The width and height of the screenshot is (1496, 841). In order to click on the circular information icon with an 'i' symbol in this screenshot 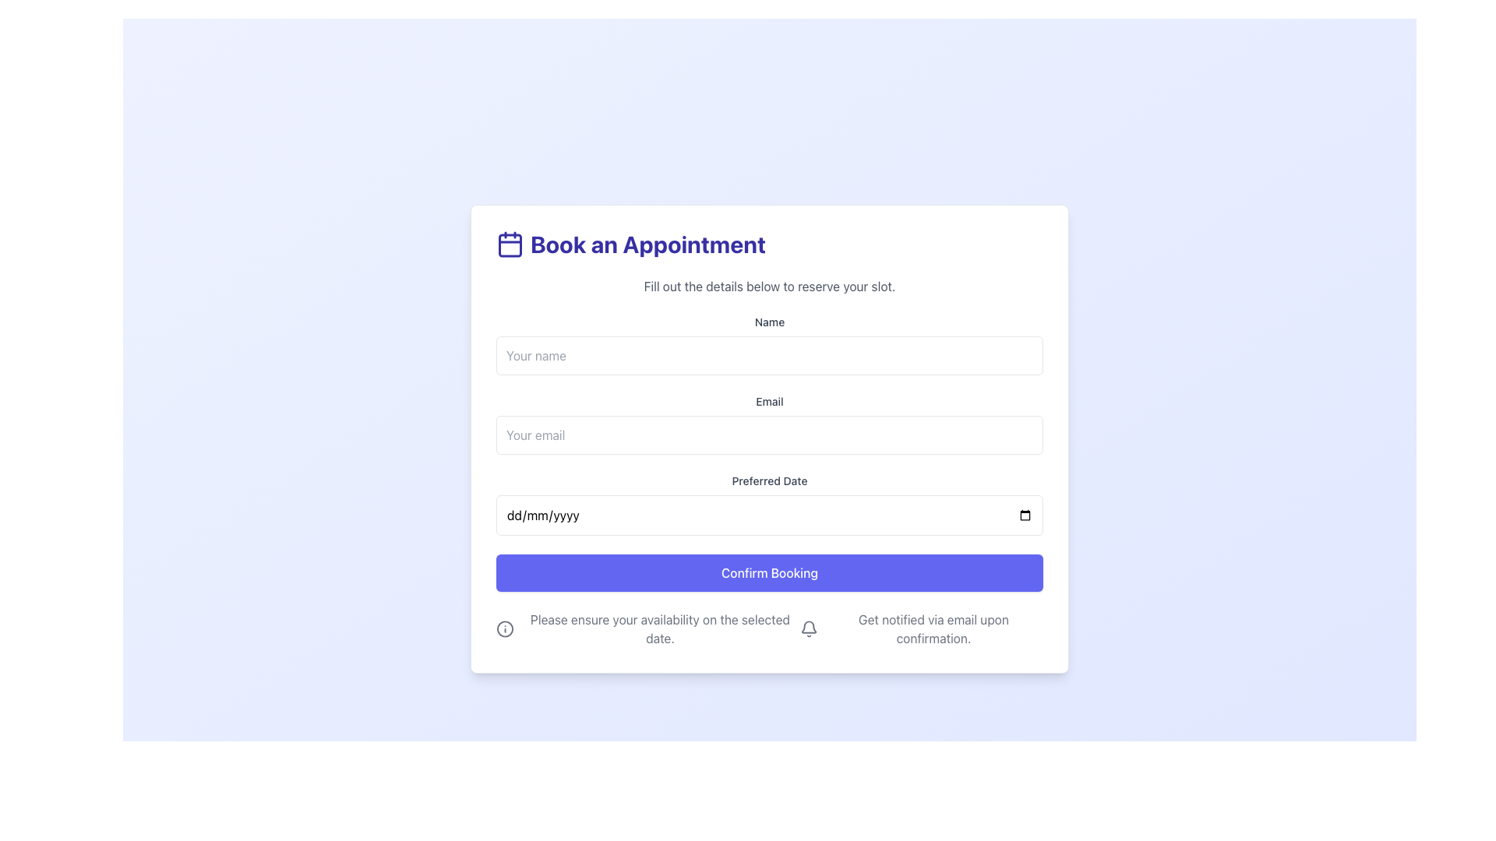, I will do `click(505, 628)`.